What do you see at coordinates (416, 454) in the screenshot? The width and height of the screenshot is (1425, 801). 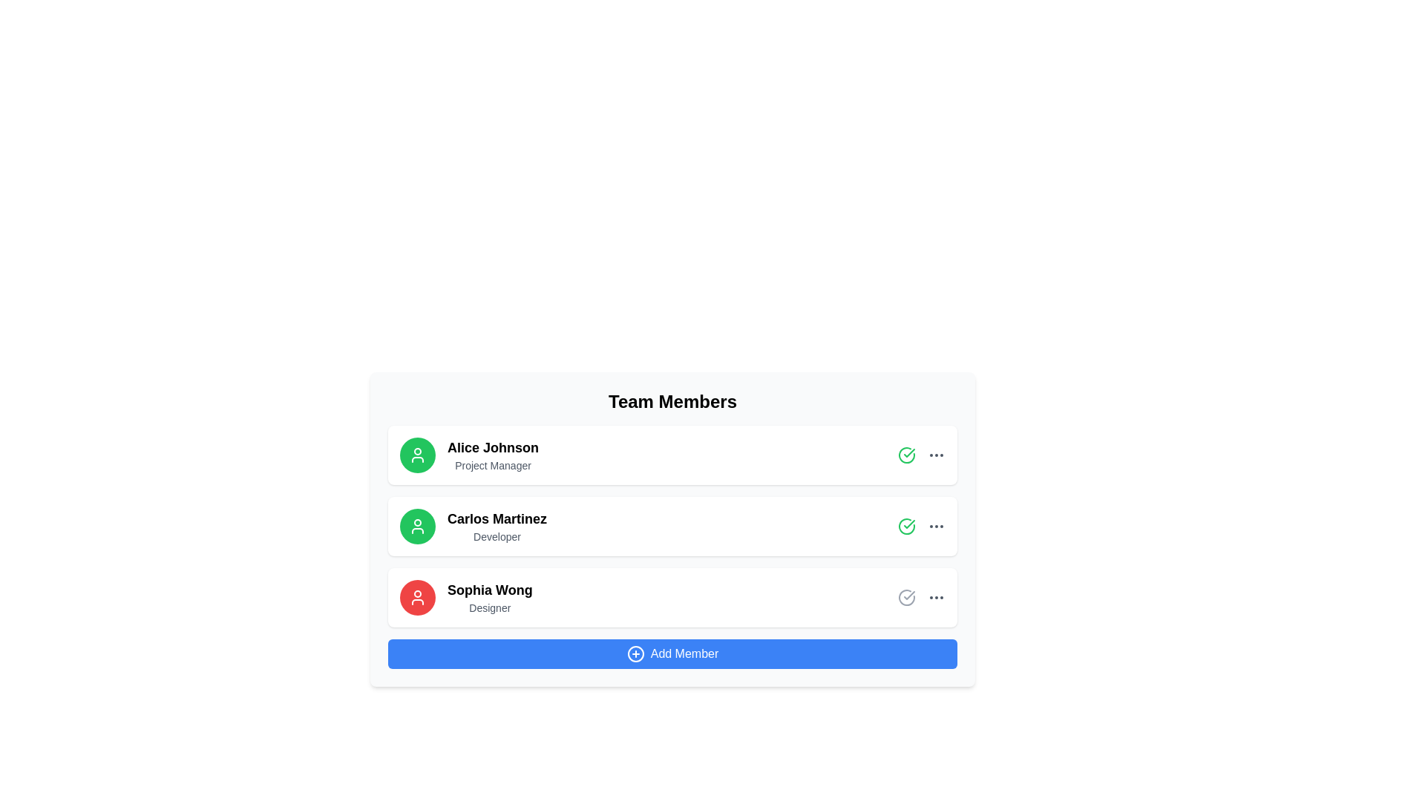 I see `the user profile icon for 'Carlos Martinez', which is located inside the green circular section to the left of his entry in the list` at bounding box center [416, 454].